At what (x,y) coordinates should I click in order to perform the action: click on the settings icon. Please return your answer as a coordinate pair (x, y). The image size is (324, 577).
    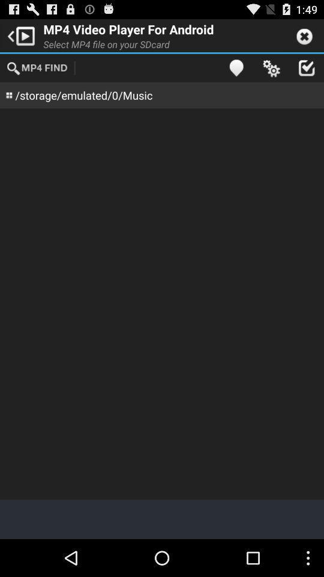
    Looking at the image, I should click on (271, 72).